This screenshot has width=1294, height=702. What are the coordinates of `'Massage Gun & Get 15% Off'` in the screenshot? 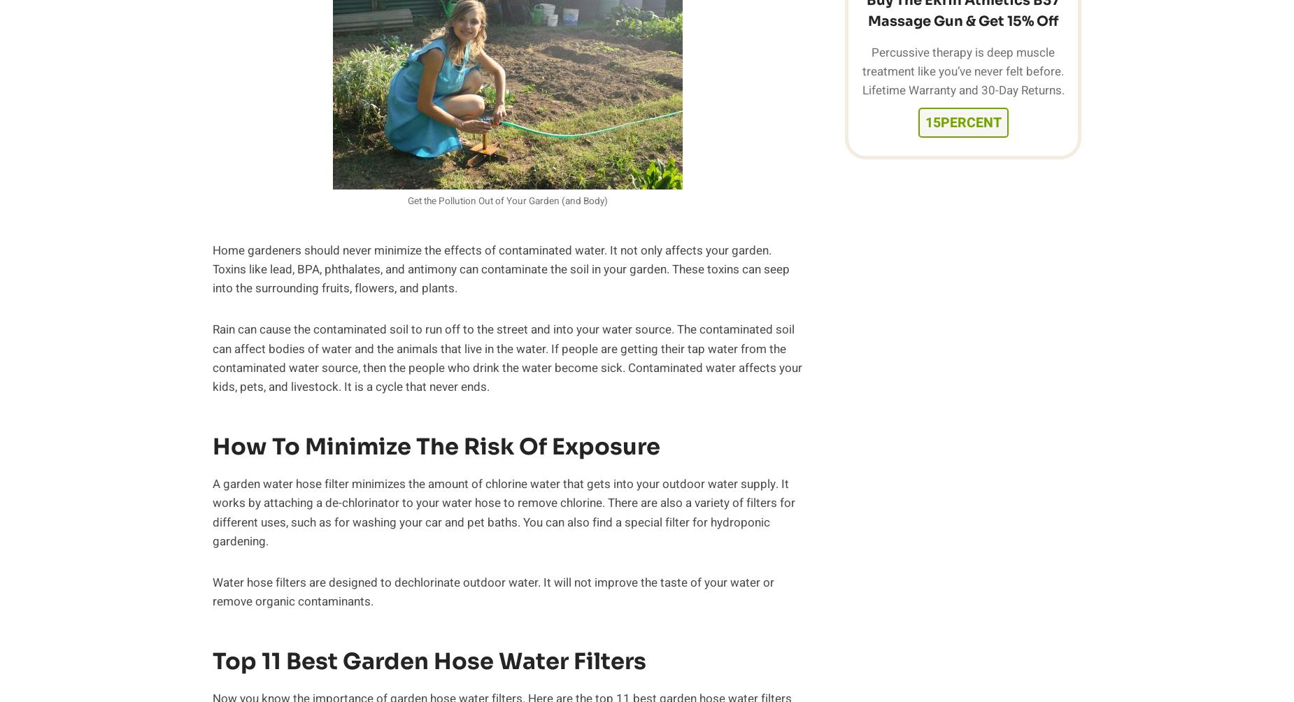 It's located at (962, 21).